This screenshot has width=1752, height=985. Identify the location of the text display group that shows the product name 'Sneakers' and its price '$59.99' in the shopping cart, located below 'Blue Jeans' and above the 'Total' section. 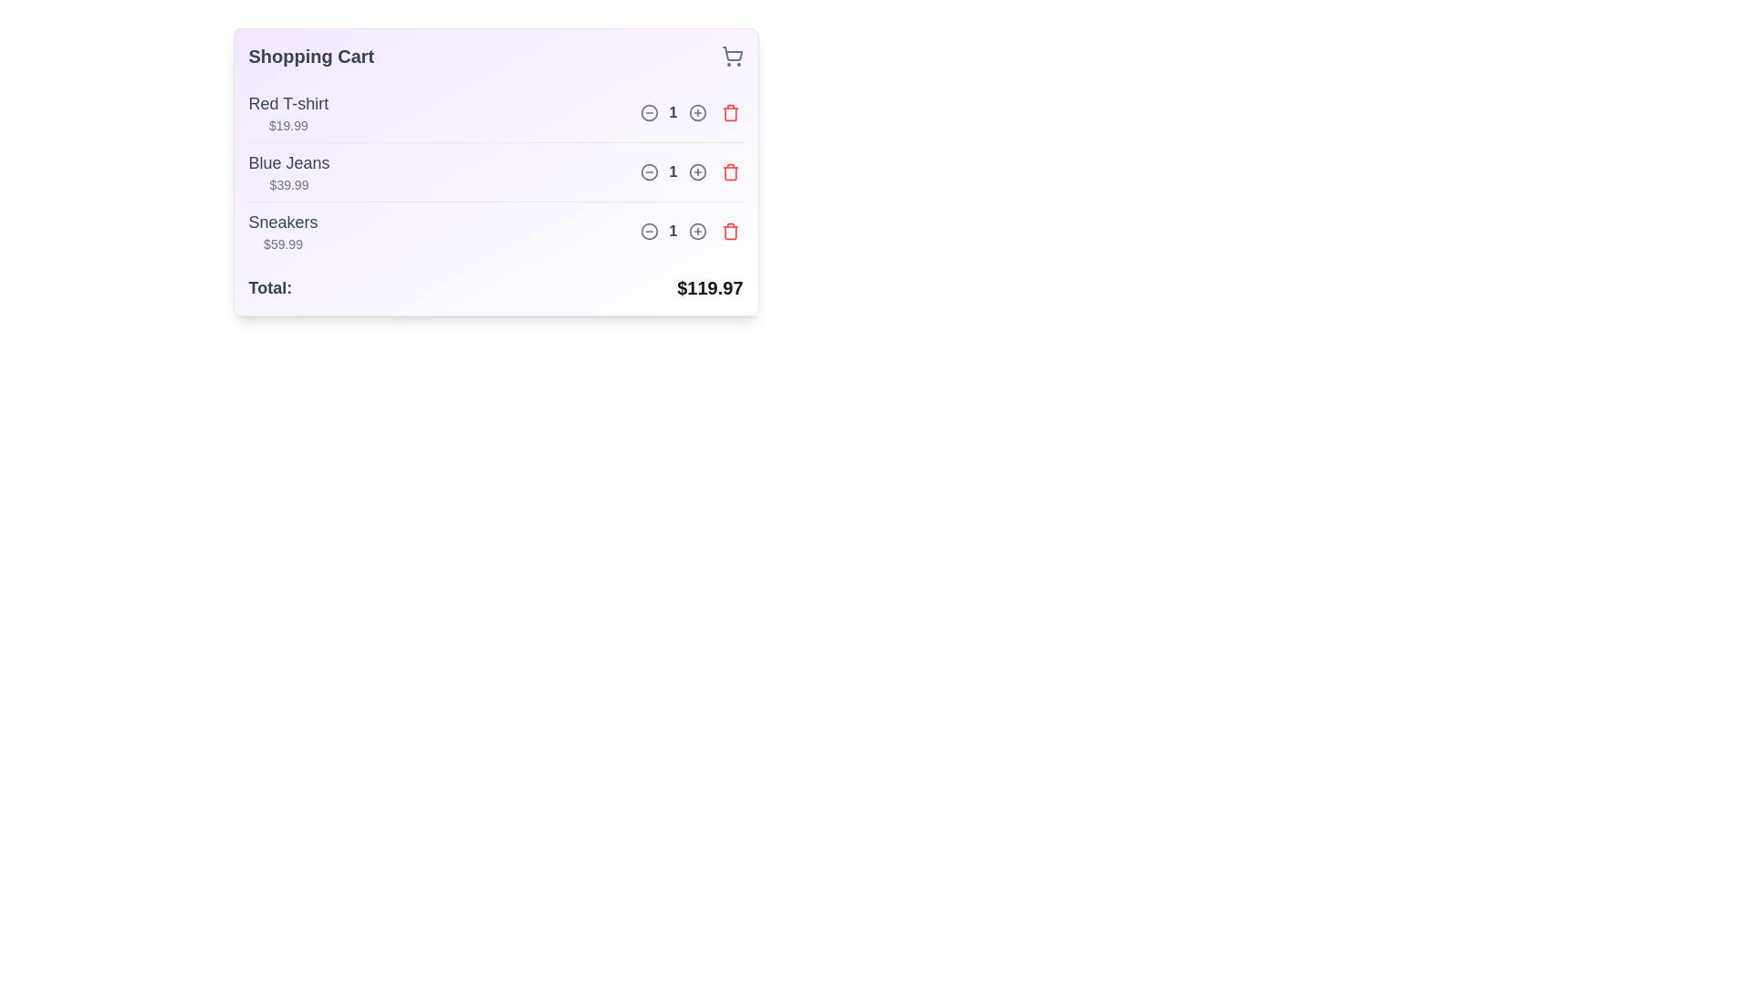
(282, 231).